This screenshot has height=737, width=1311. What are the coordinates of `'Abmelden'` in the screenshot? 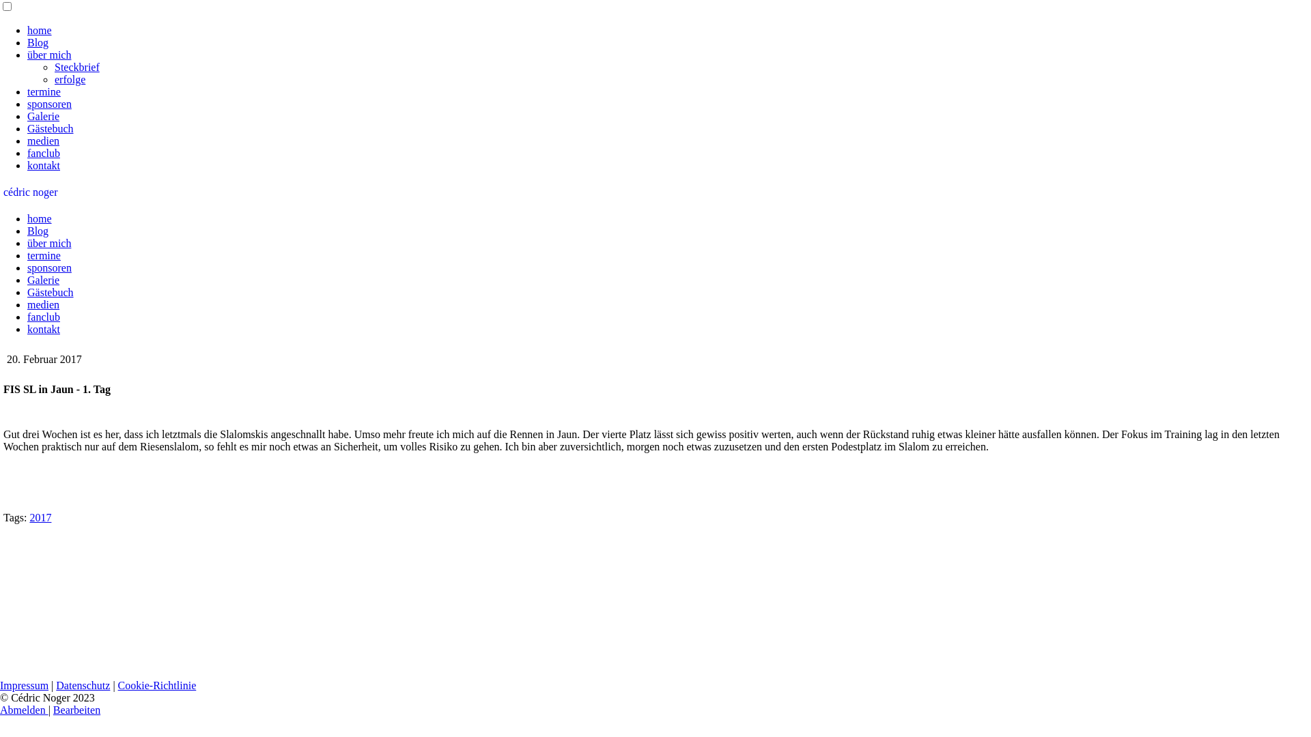 It's located at (0, 709).